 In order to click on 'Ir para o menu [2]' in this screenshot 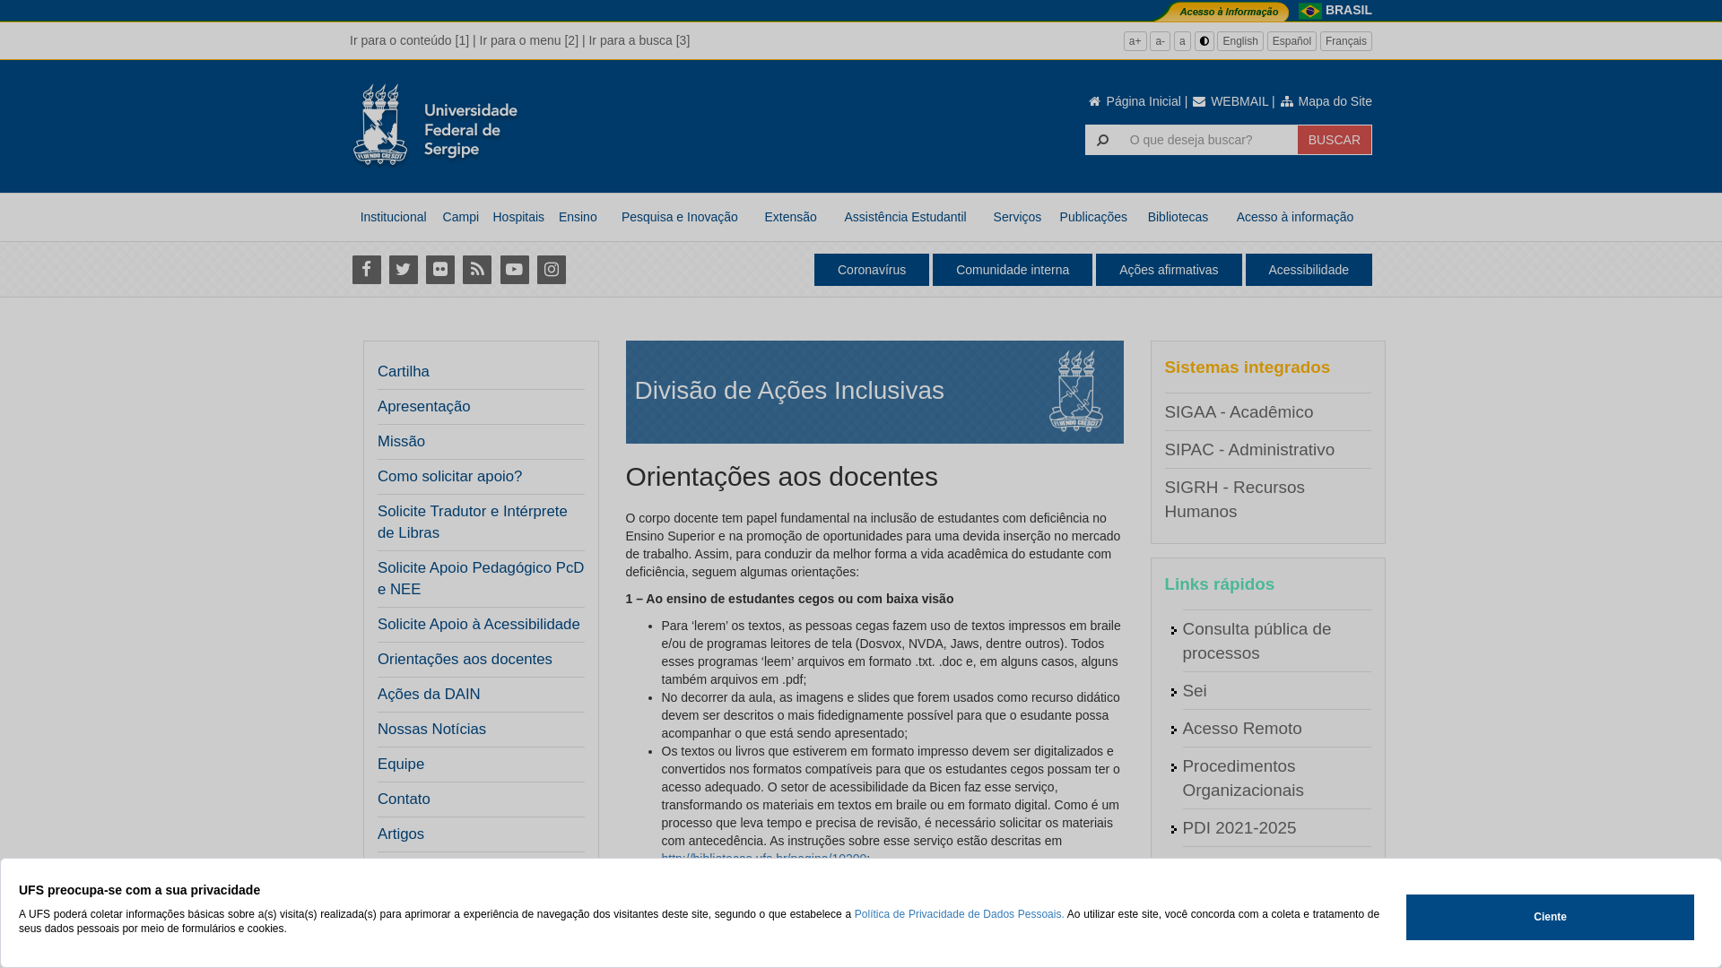, I will do `click(479, 40)`.